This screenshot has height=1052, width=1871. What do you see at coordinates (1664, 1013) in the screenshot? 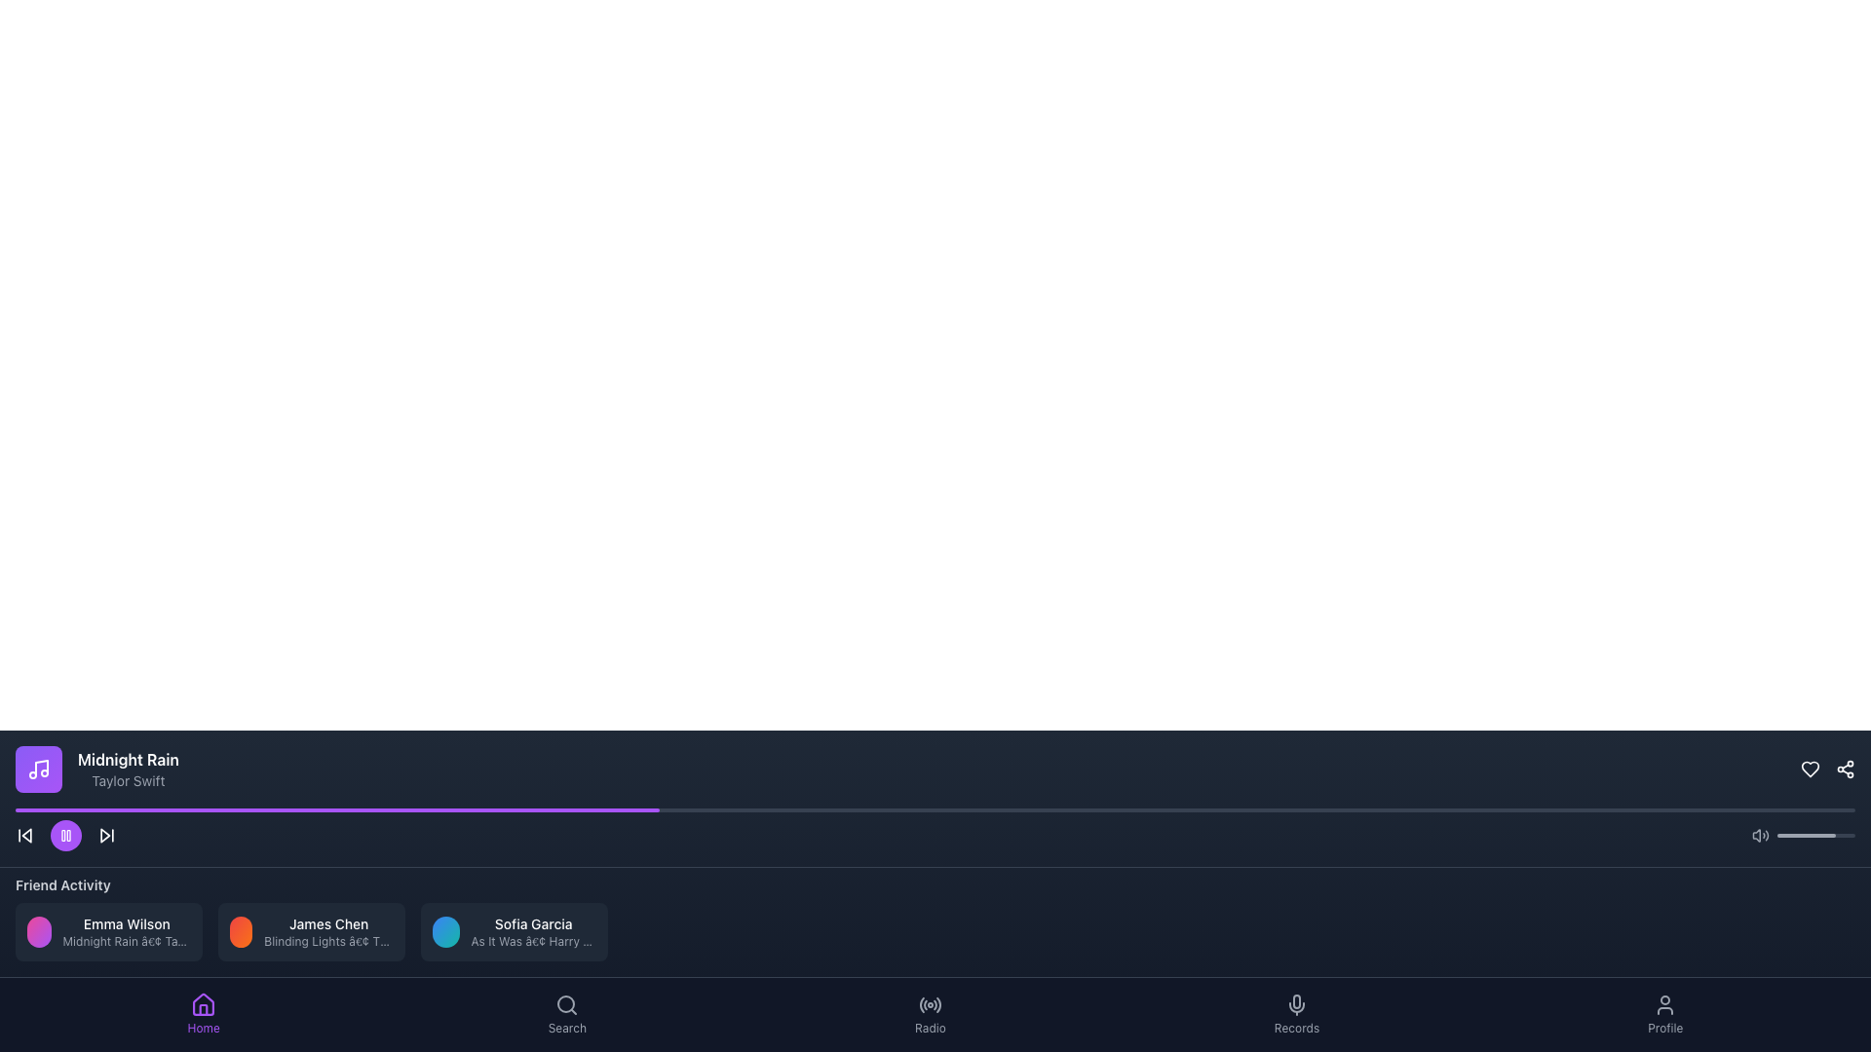
I see `the user profile button located at the rightmost position in the navigation bar at the bottom of the application` at bounding box center [1664, 1013].